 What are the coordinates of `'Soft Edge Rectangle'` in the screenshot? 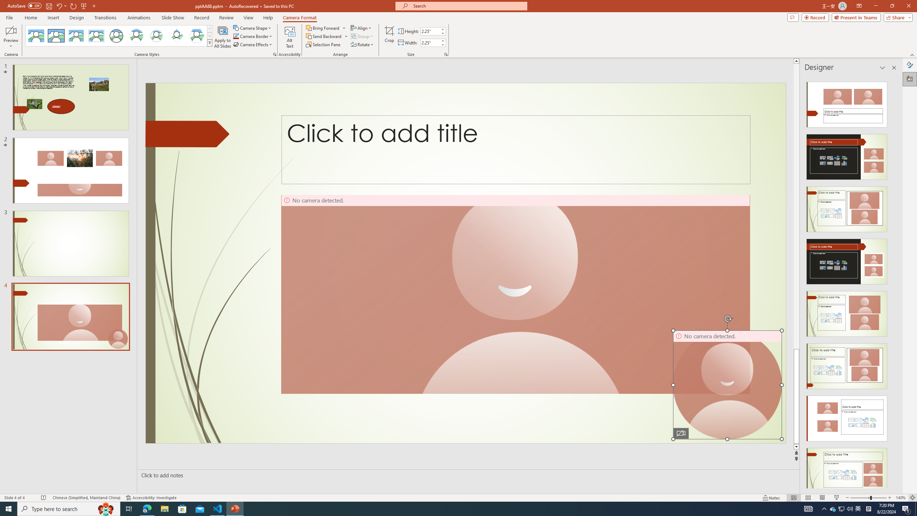 It's located at (96, 35).